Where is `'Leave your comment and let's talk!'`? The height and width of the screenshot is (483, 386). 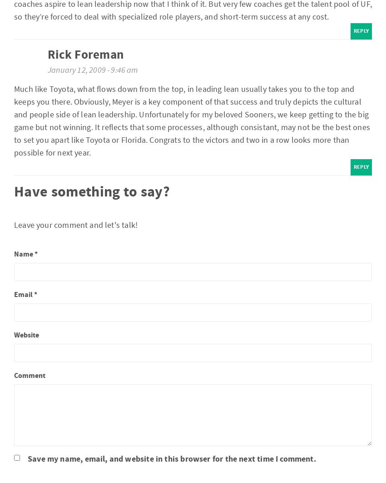 'Leave your comment and let's talk!' is located at coordinates (76, 224).